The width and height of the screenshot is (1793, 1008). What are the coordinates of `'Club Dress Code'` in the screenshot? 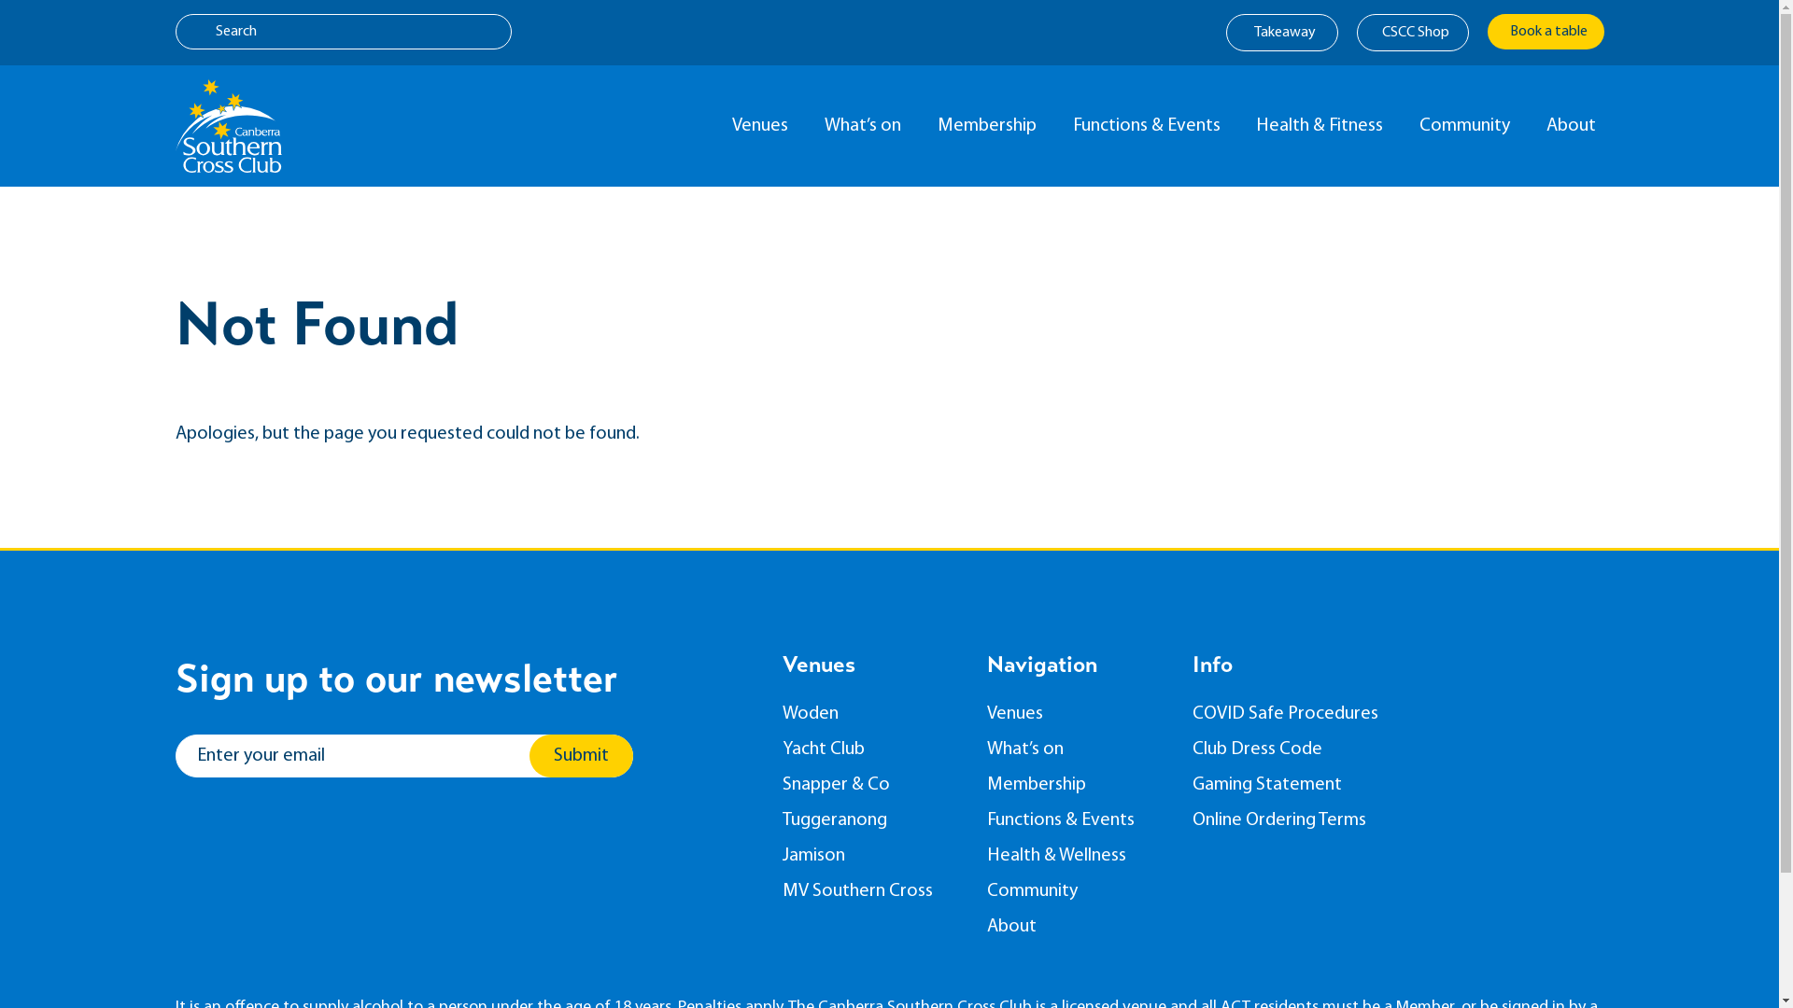 It's located at (1294, 748).